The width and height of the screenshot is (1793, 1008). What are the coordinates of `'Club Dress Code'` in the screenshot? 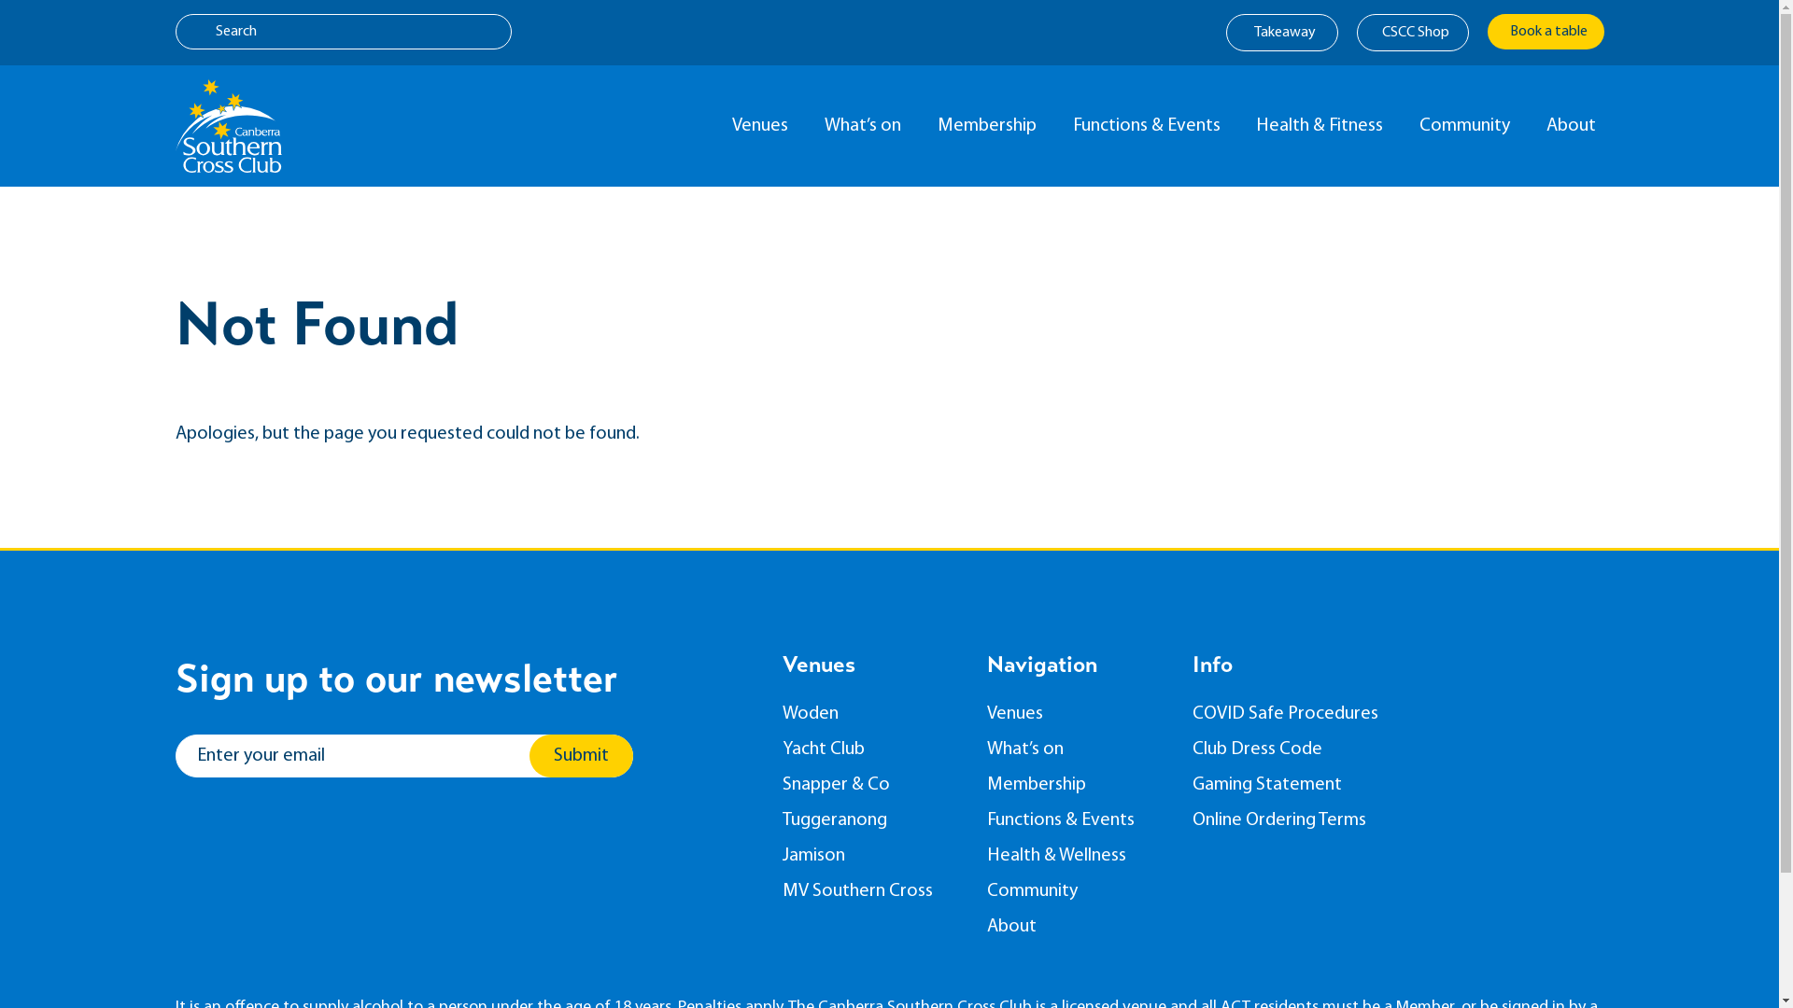 It's located at (1294, 748).